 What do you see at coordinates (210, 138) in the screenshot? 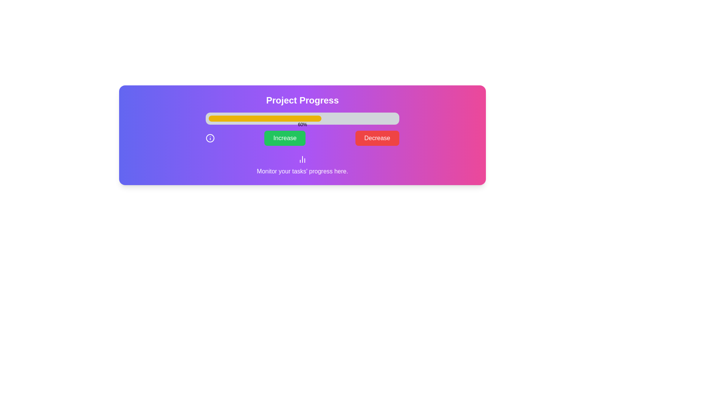
I see `the information icon, which is styled as a white stroke SVG circle with an 'i' symbol inside it, located on a purple-to-pink gradient background to the left of the 'Increase' and 'Decrease' buttons` at bounding box center [210, 138].